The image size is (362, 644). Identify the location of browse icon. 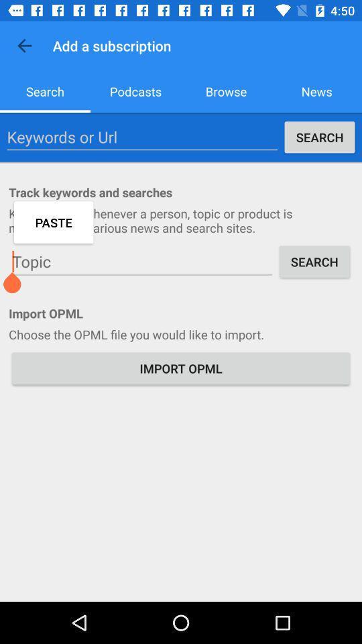
(226, 91).